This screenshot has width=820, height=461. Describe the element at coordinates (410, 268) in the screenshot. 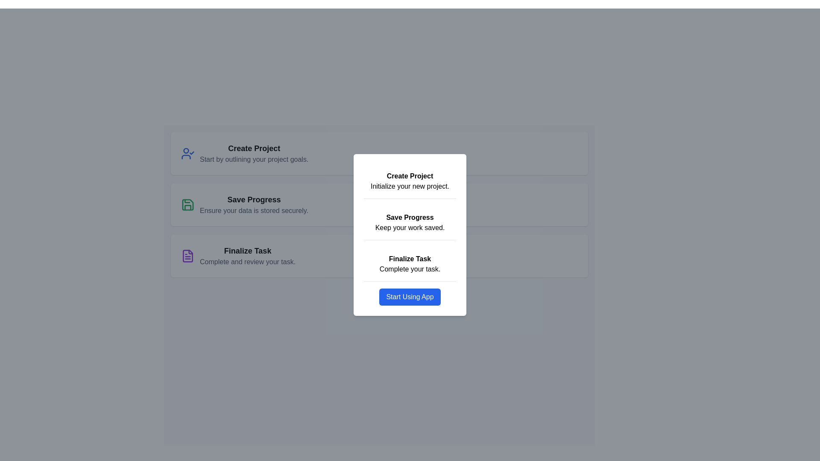

I see `the static text located directly under the 'Finalize Task' heading, which provides additional information about the option` at that location.